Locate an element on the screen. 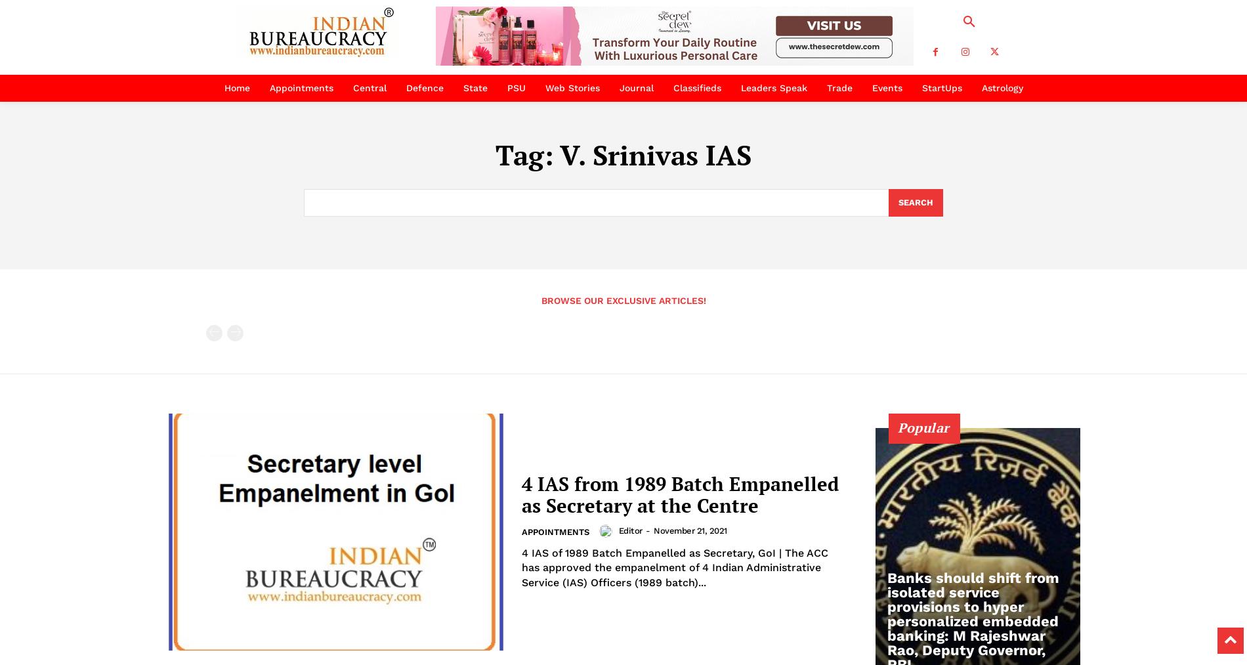  '-' is located at coordinates (648, 540).